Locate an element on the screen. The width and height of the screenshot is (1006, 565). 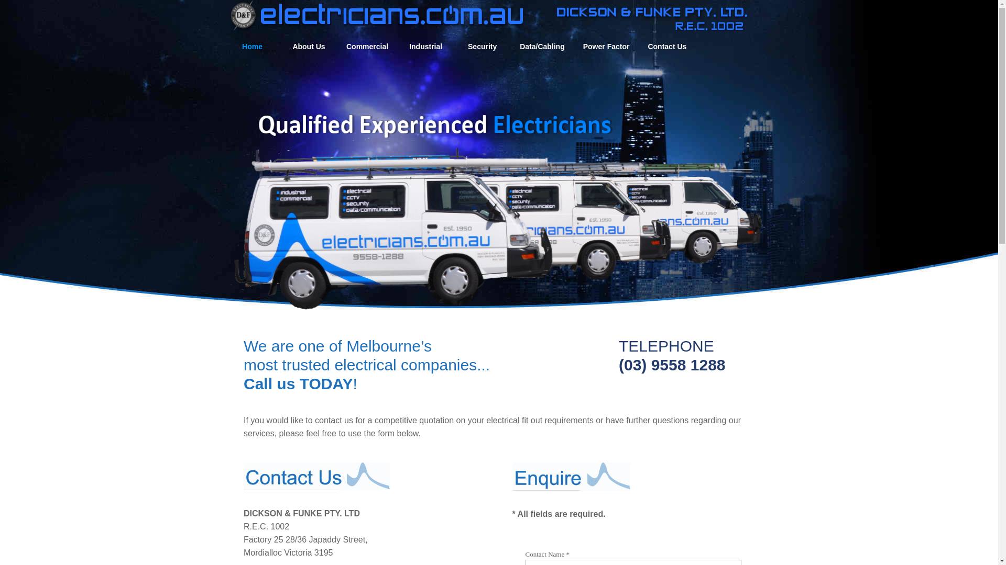
'Power Factor' is located at coordinates (580, 46).